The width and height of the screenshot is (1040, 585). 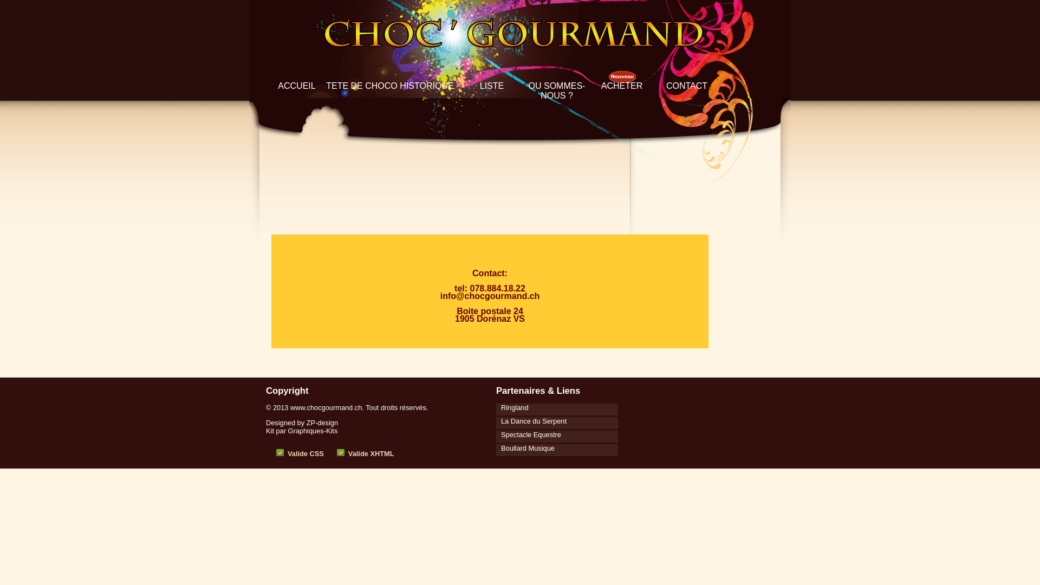 I want to click on 'CONTACT', so click(x=665, y=85).